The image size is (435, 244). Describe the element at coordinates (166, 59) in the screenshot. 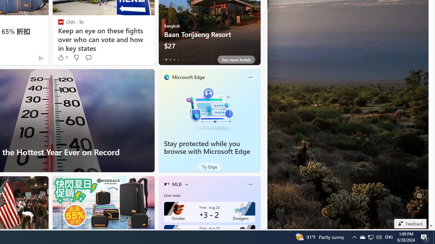

I see `'tab-0'` at that location.